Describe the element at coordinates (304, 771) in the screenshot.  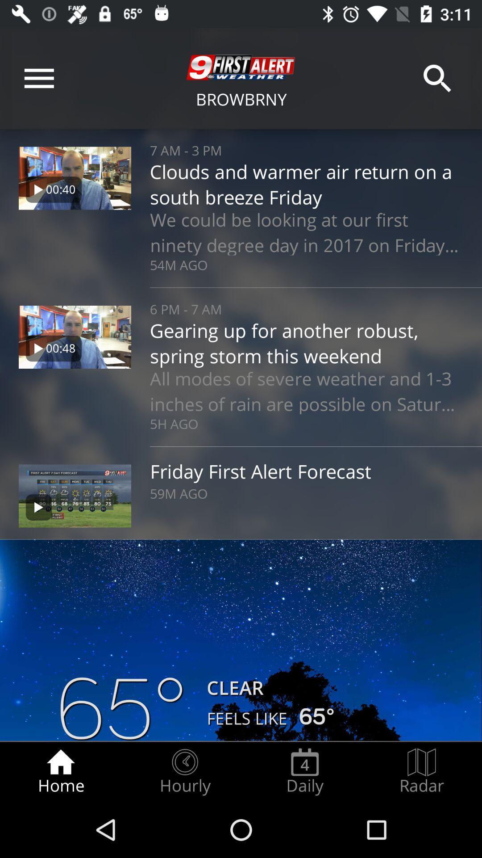
I see `icon next to the radar icon` at that location.